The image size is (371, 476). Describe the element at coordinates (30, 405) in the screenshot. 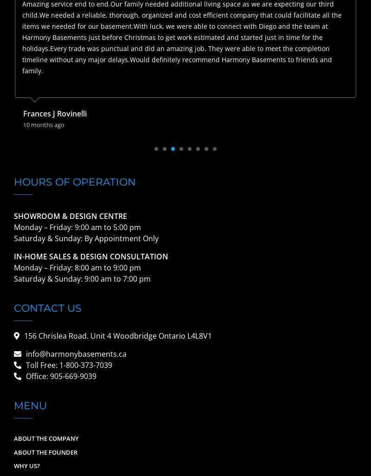

I see `'Menu'` at that location.